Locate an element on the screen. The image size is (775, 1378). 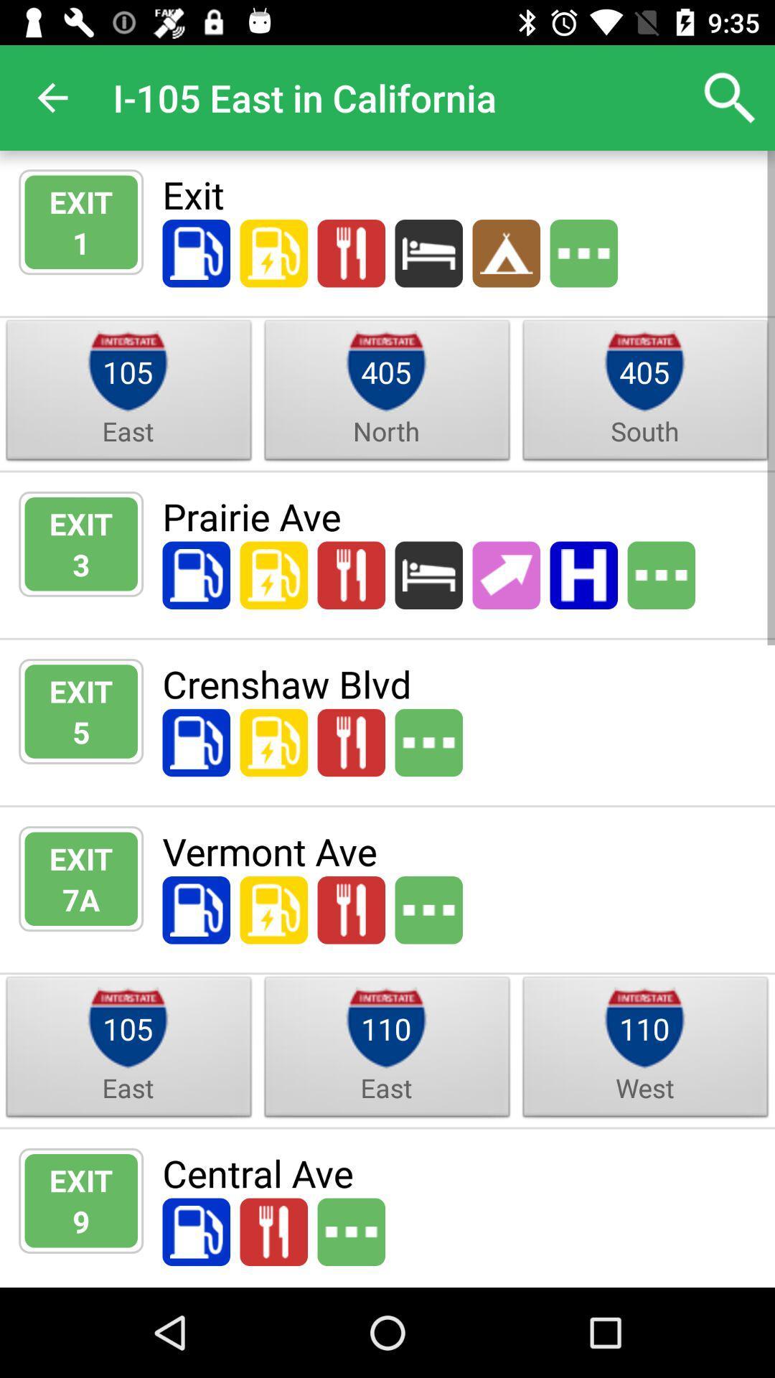
west item is located at coordinates (644, 1087).